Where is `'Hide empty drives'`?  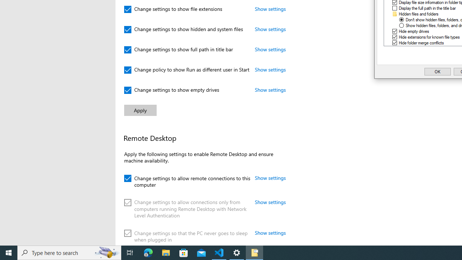
'Hide empty drives' is located at coordinates (414, 31).